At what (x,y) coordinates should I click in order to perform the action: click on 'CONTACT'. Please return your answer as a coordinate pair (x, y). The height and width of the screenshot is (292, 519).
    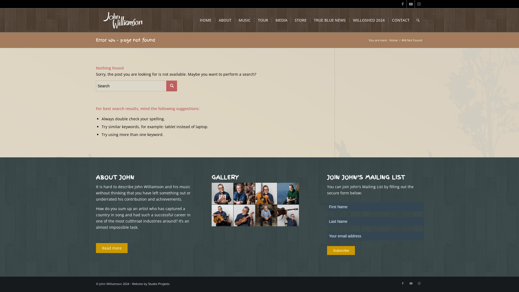
    Looking at the image, I should click on (401, 20).